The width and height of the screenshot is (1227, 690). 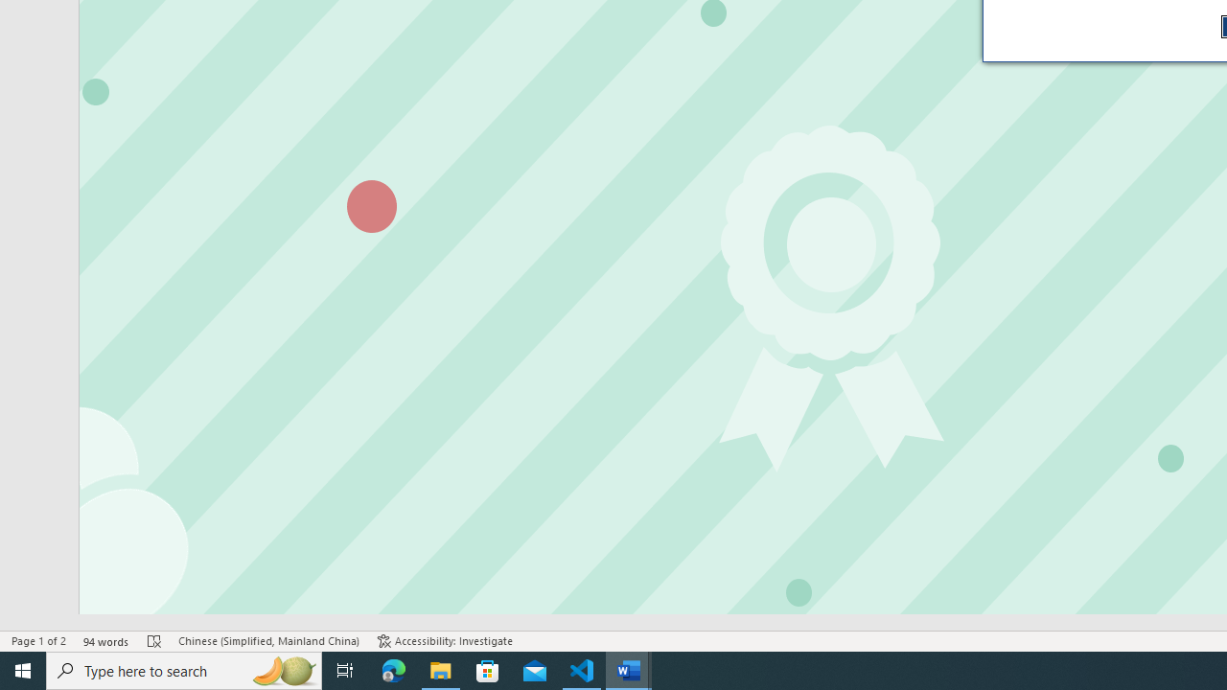 I want to click on 'Word Count 94 words', so click(x=105, y=641).